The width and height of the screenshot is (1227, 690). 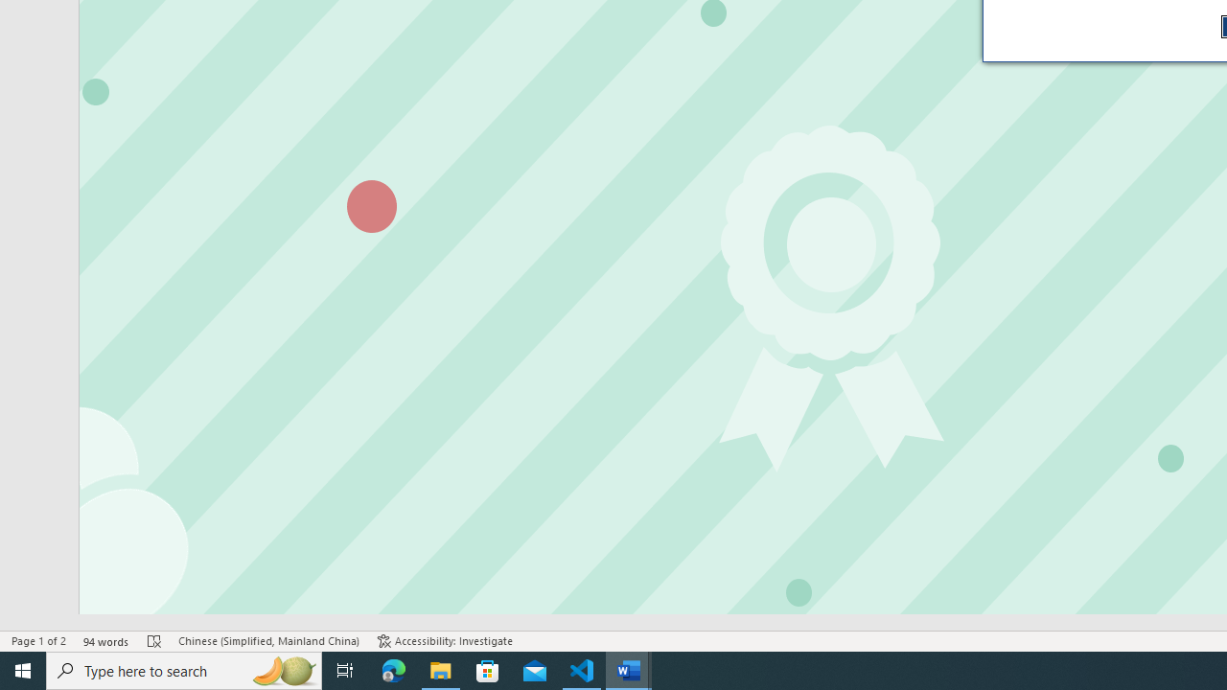 I want to click on 'Word Count 94 words', so click(x=105, y=641).